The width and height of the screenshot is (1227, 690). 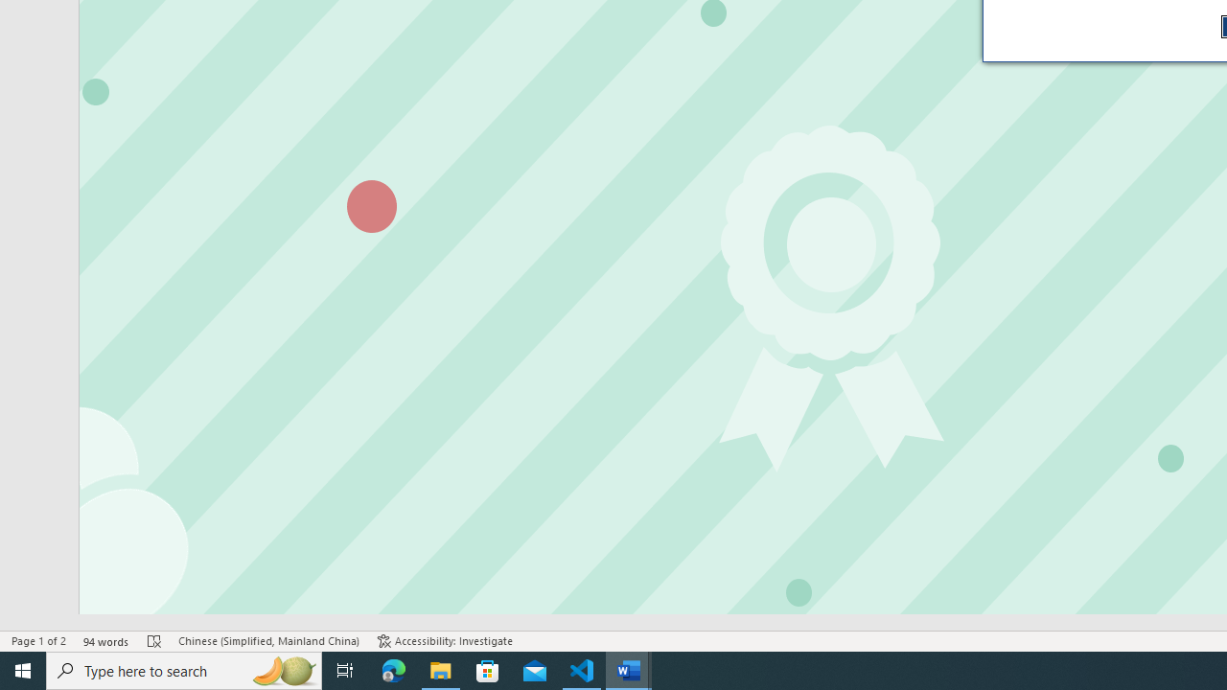 I want to click on 'Word Count 94 words', so click(x=105, y=641).